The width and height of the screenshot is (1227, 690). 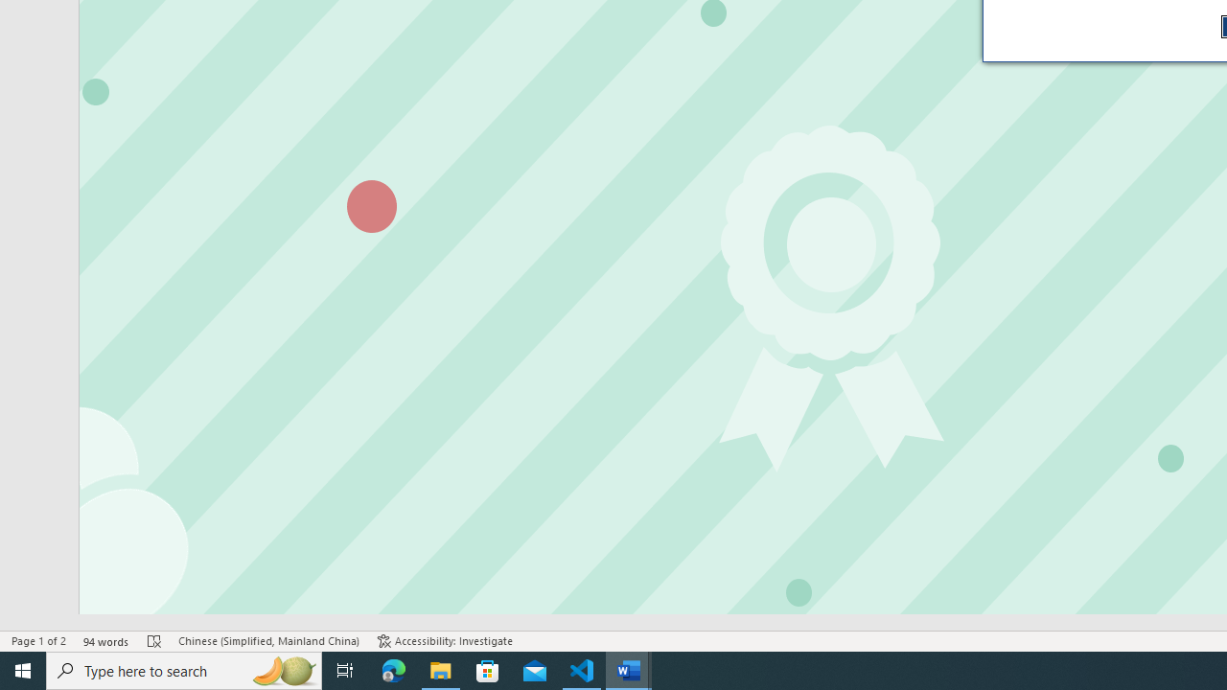 I want to click on 'Word Count 94 words', so click(x=105, y=641).